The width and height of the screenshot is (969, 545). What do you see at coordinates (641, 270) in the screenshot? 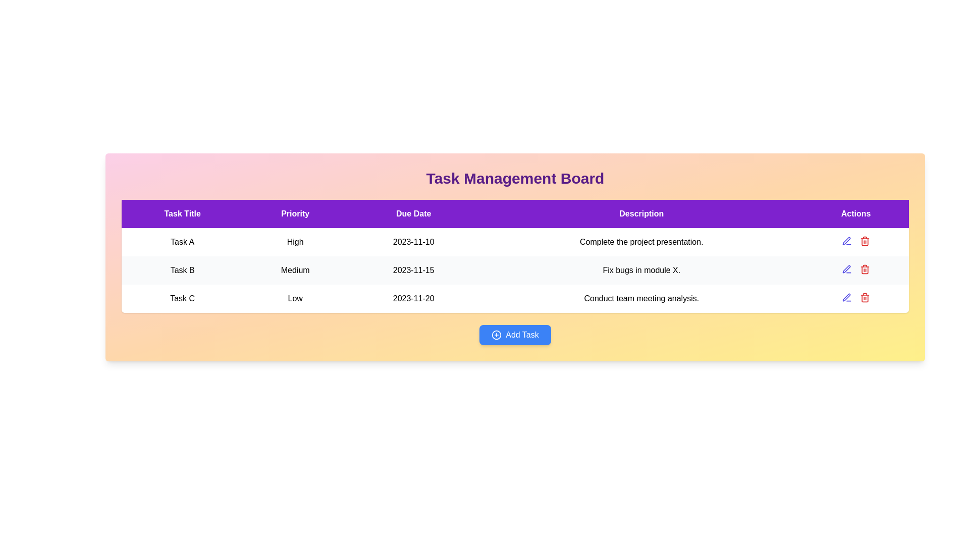
I see `the text label displaying 'Fix bugs in module X.' which is located in the fourth column of the second row of the table under the 'Description' column for 'Task B'` at bounding box center [641, 270].